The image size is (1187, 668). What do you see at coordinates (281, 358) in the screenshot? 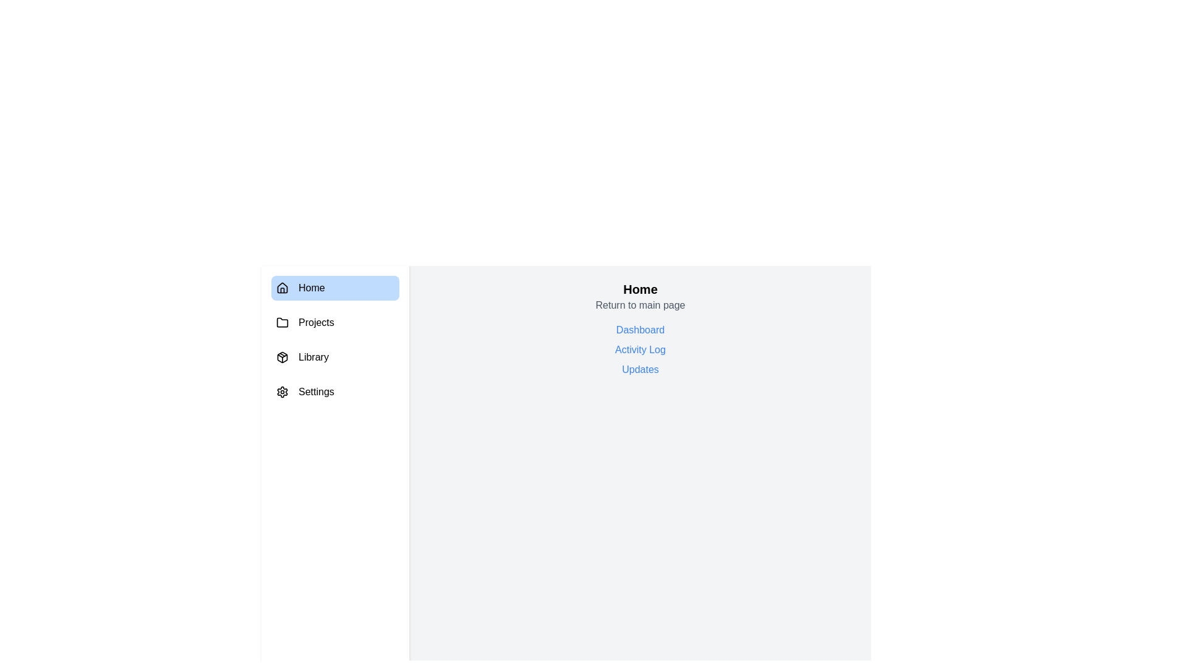
I see `the 'Library' icon in the sidebar menu, located between the 'Projects' and 'Settings' icons to facilitate navigation` at bounding box center [281, 358].